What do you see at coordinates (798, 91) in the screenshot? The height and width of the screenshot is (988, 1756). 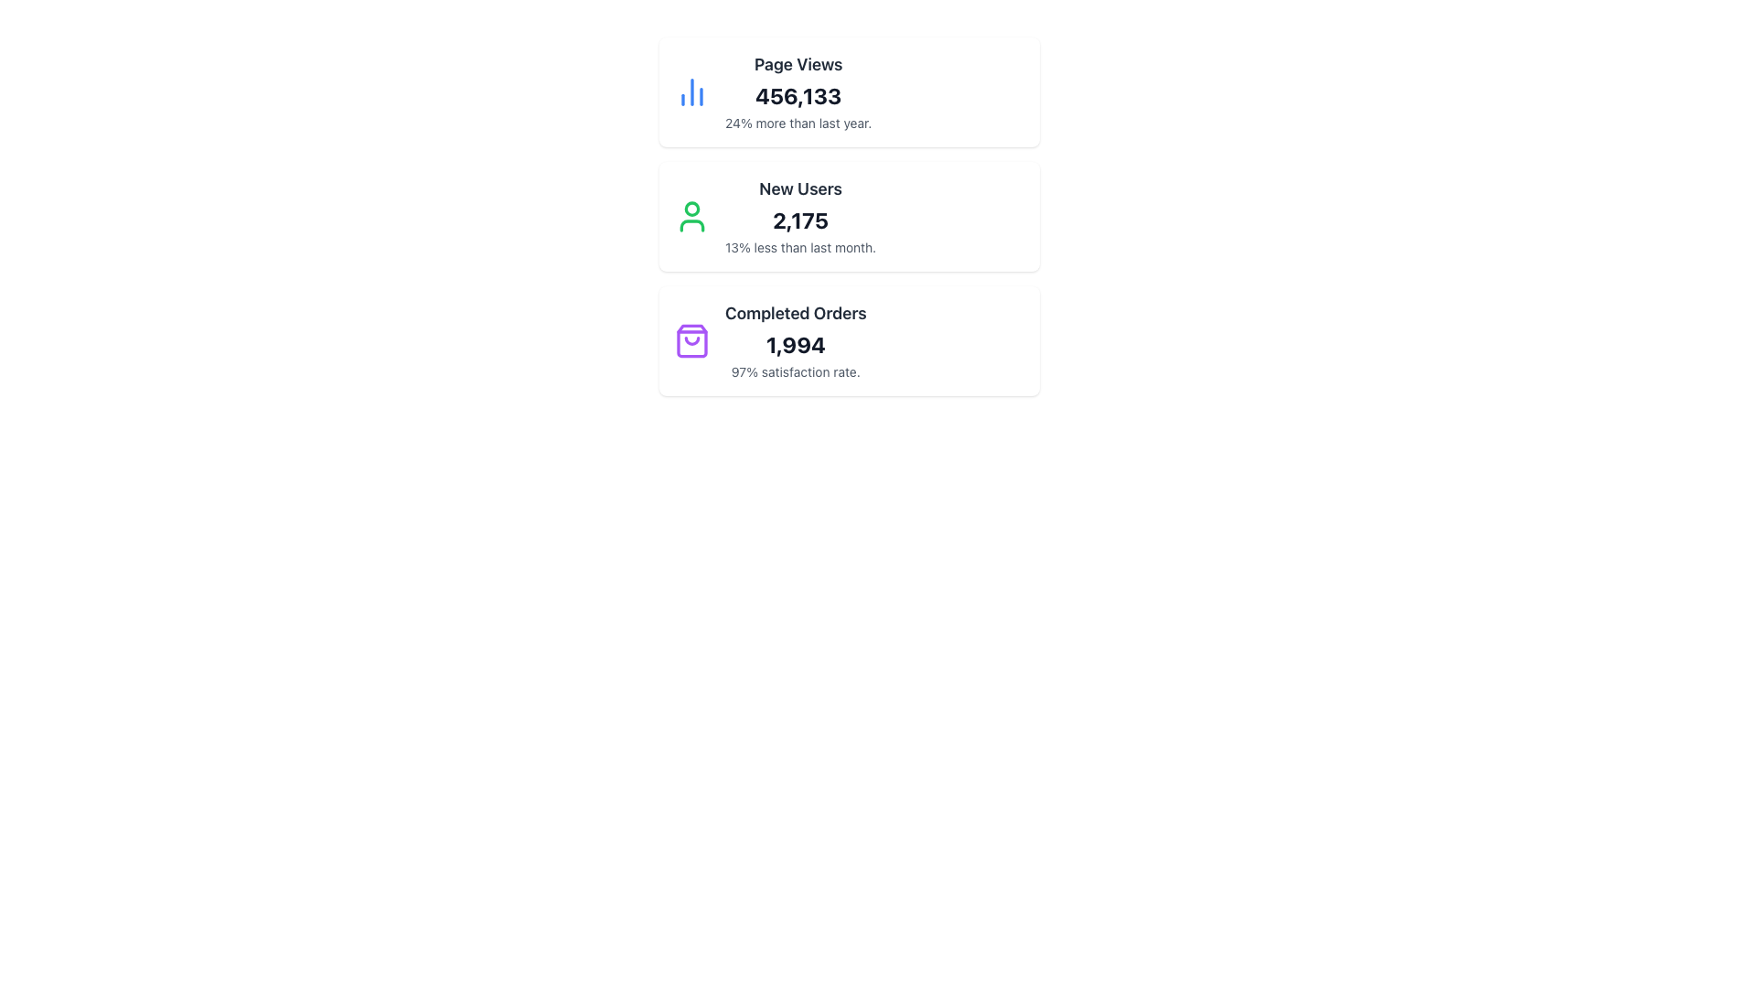 I see `the Data Display Component that shows 'Page Views' with the value '456,133' and the note '24% more than last year.'` at bounding box center [798, 91].